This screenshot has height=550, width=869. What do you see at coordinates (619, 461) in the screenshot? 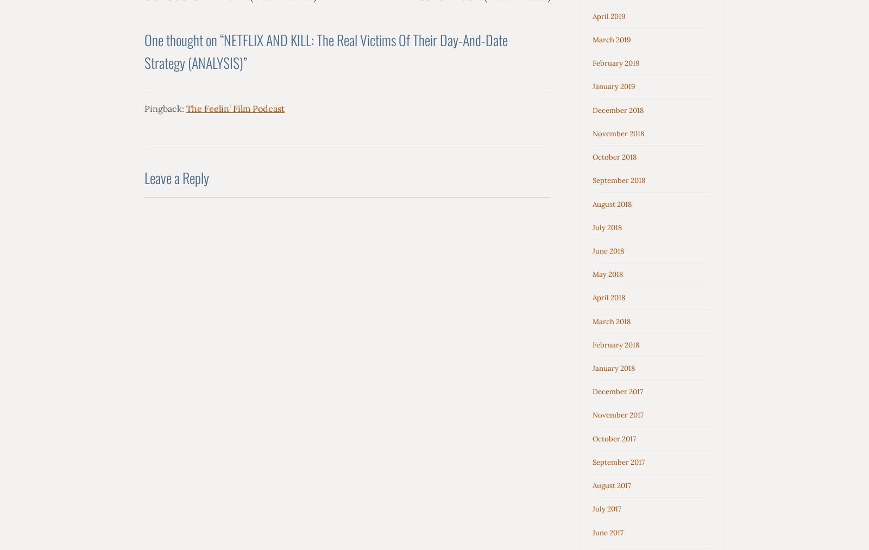
I see `'September 2017'` at bounding box center [619, 461].